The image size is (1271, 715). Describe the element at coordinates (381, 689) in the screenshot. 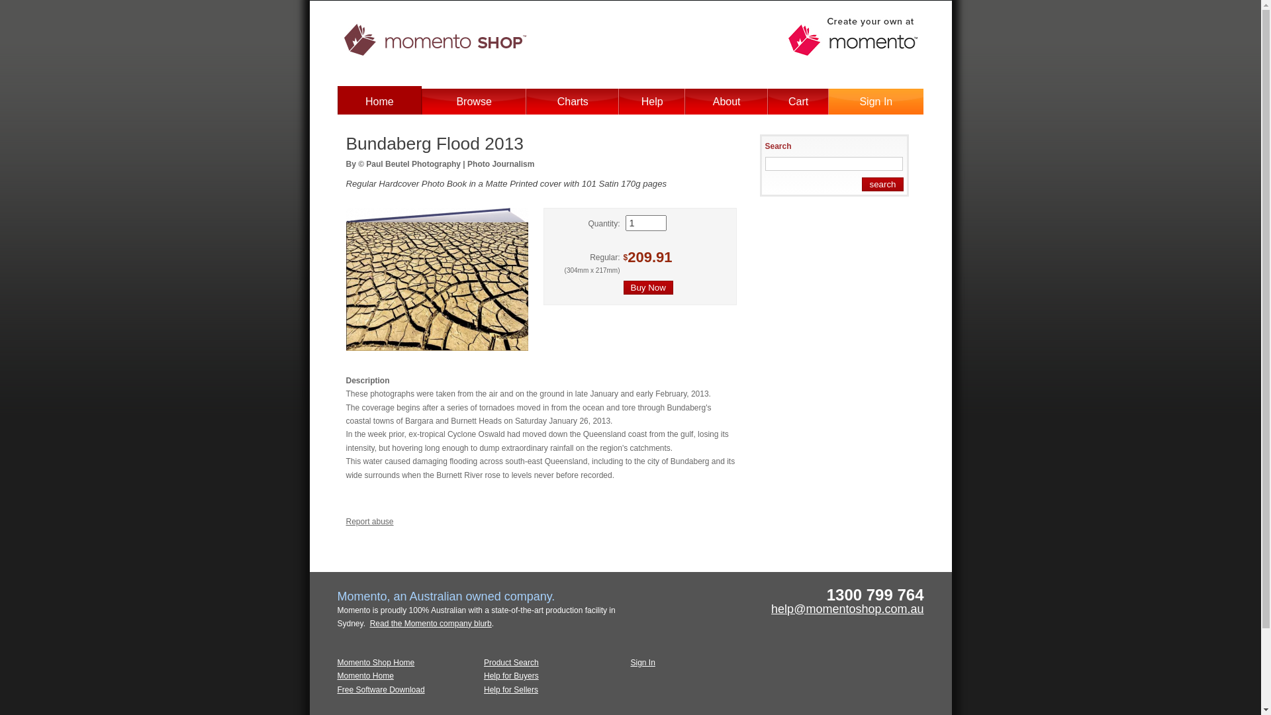

I see `'Free Software Download'` at that location.